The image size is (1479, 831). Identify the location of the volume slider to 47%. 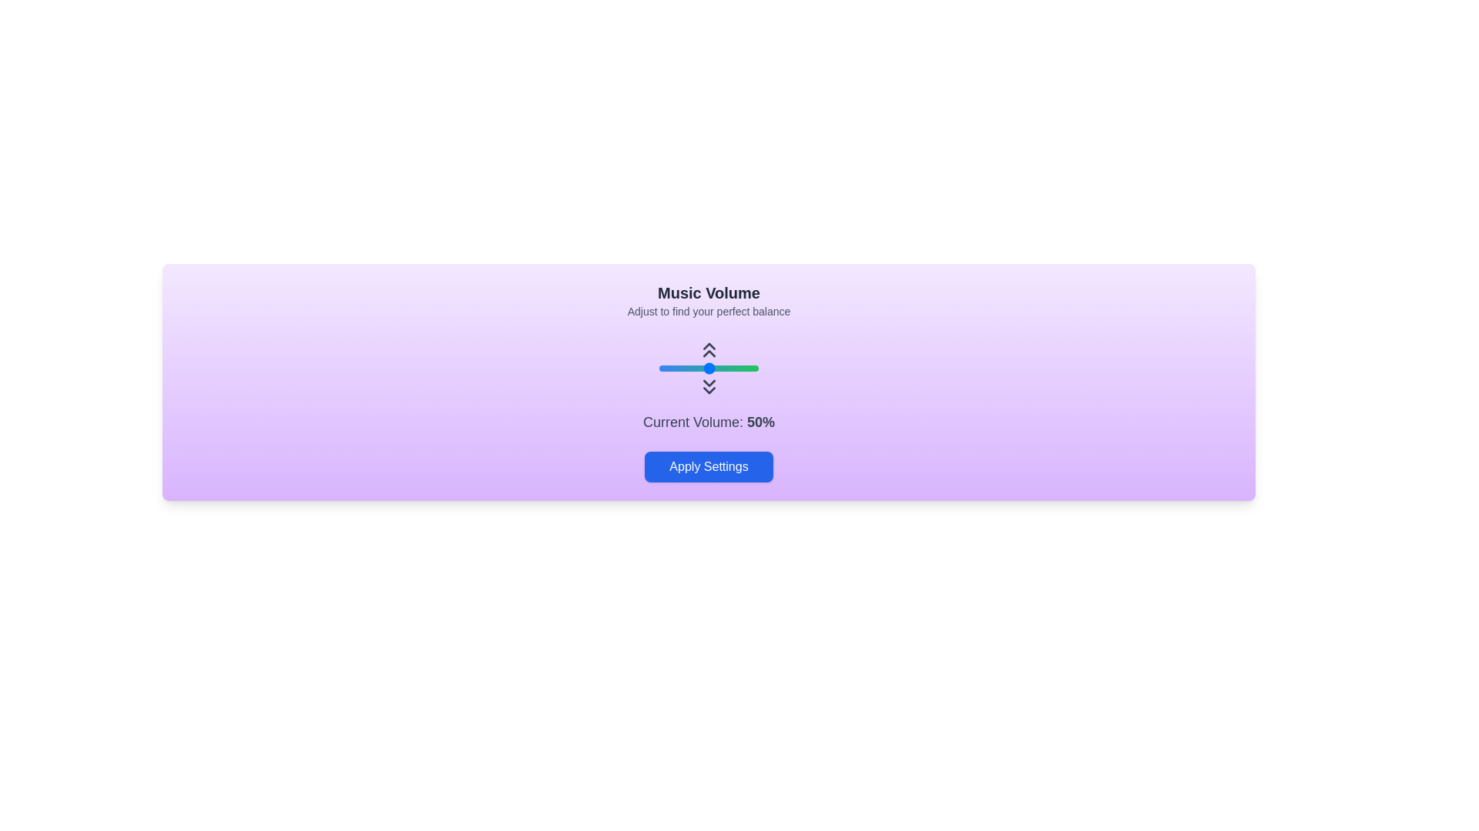
(705, 368).